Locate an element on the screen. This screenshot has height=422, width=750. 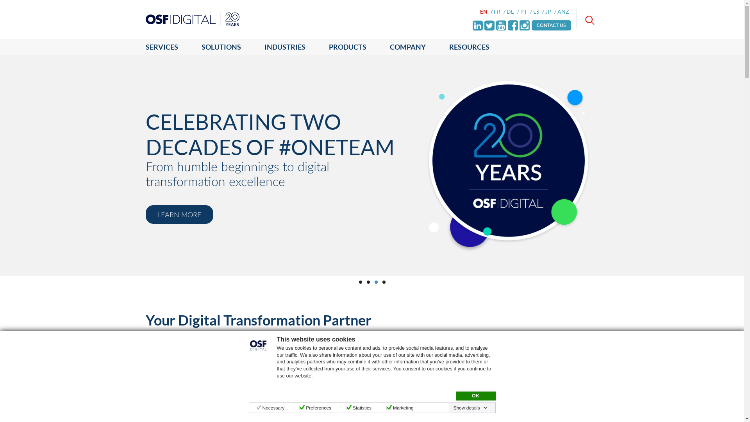
'SERVICES' is located at coordinates (167, 46).